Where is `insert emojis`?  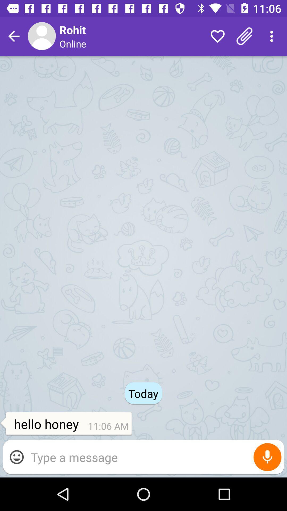
insert emojis is located at coordinates (16, 457).